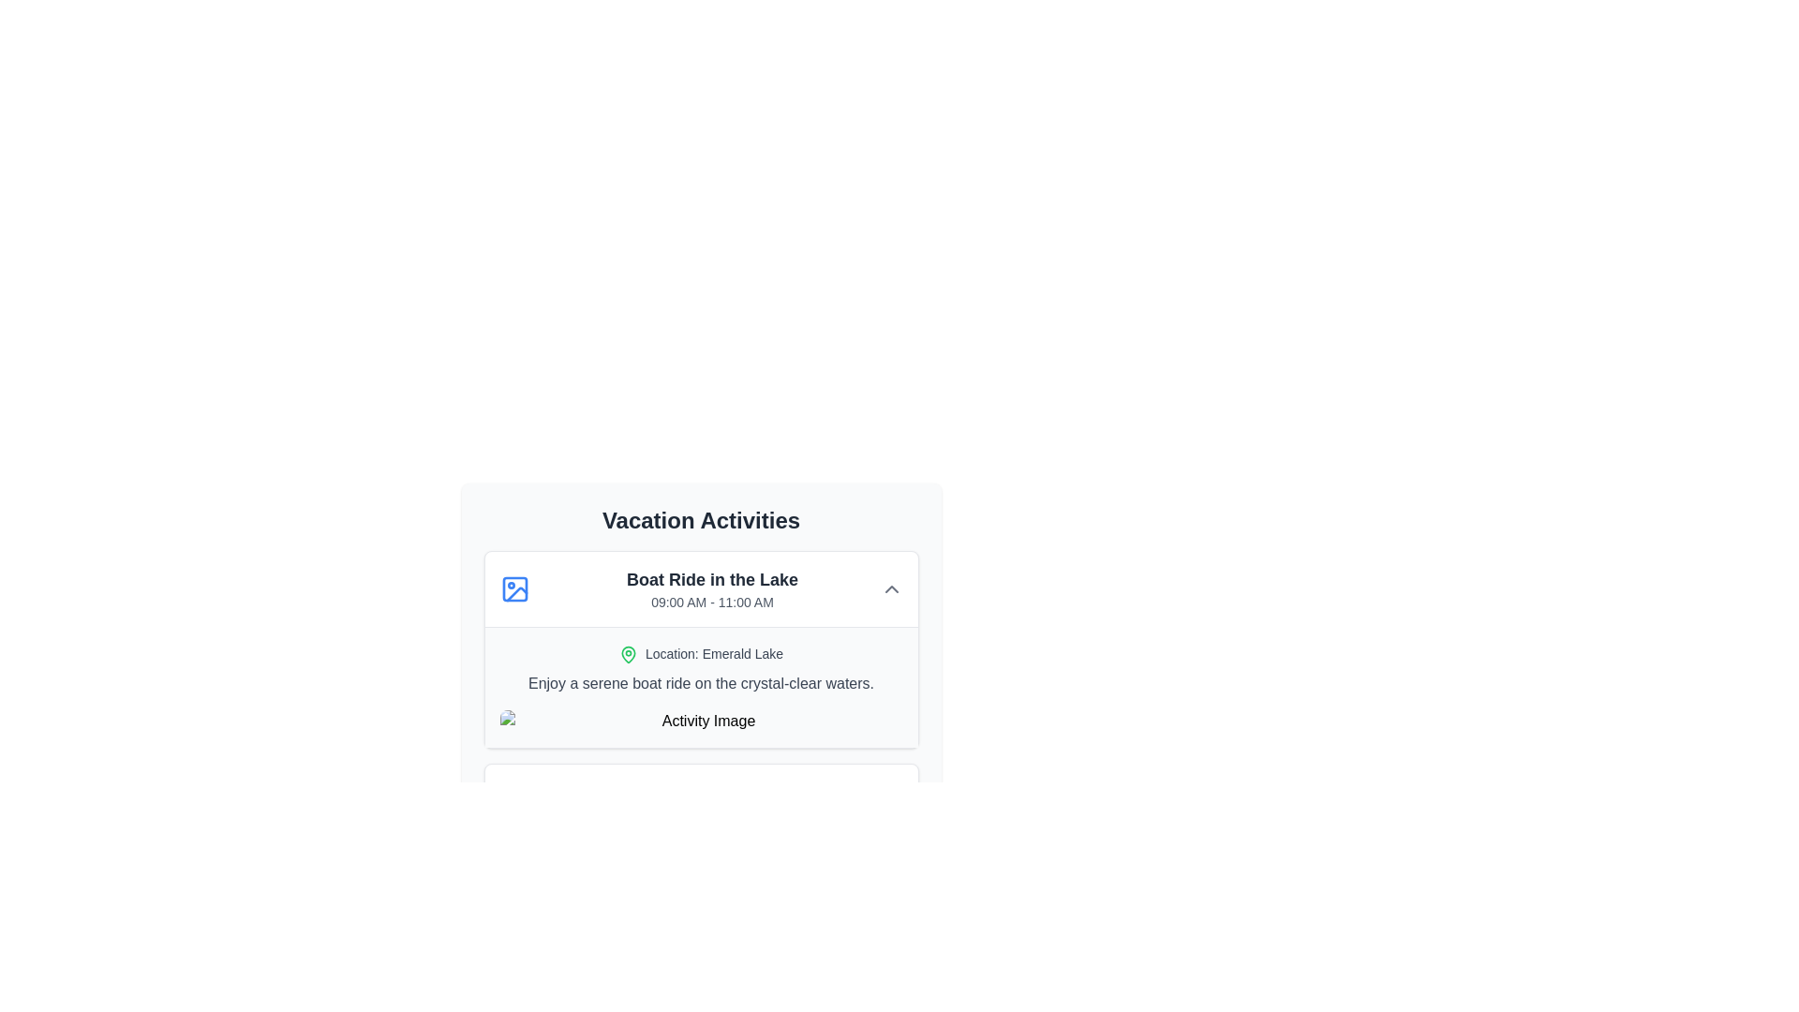  I want to click on the pin-like icon located under the text 'Location: Emerald Lake' in the 'Vacation Activities' section as an indicator, so click(628, 653).